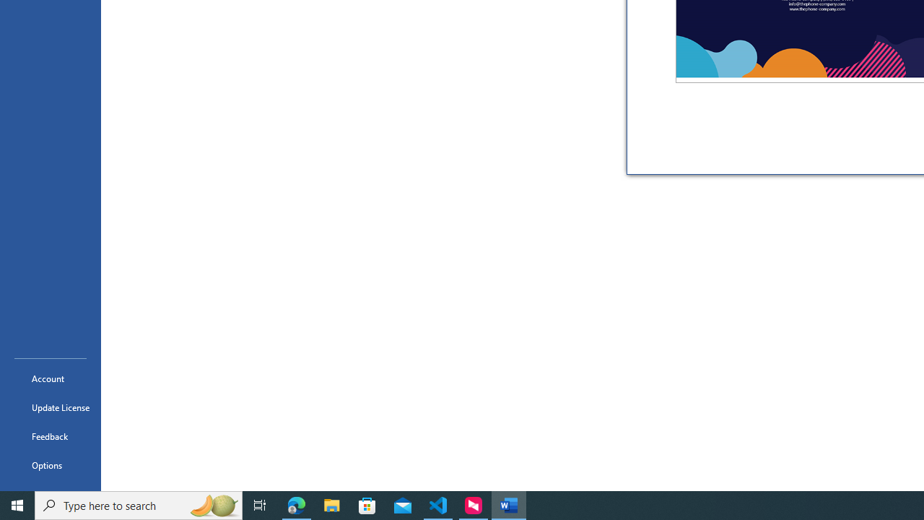 This screenshot has height=520, width=924. What do you see at coordinates (17, 504) in the screenshot?
I see `'Start'` at bounding box center [17, 504].